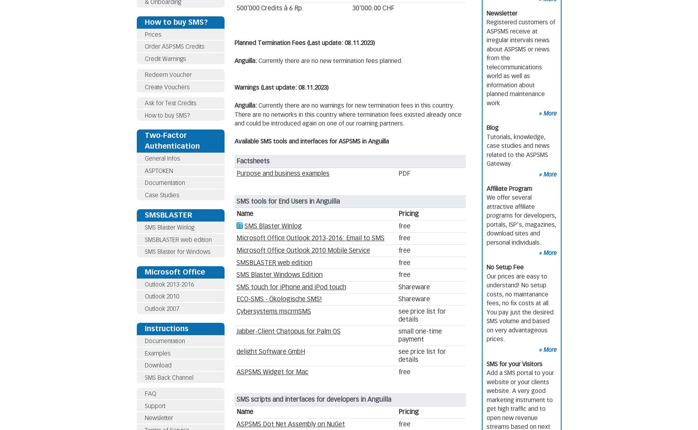 The image size is (698, 430). What do you see at coordinates (348, 114) in the screenshot?
I see `'Currently there are no warnings for new termination fees in this country. There are no networks in this country where termination fees existed already once and could be introduced again on one of our roaming partners.'` at bounding box center [348, 114].